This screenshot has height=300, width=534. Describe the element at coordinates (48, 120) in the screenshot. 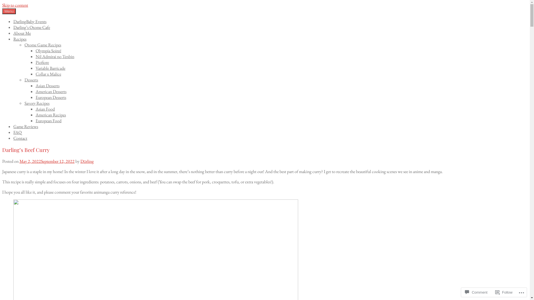

I see `'European Food'` at that location.